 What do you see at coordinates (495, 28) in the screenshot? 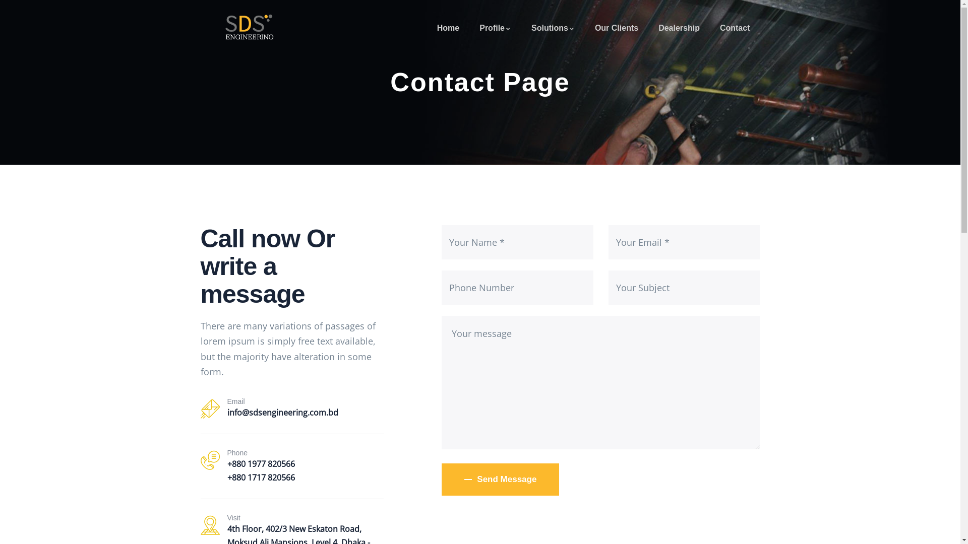
I see `'Profile'` at bounding box center [495, 28].